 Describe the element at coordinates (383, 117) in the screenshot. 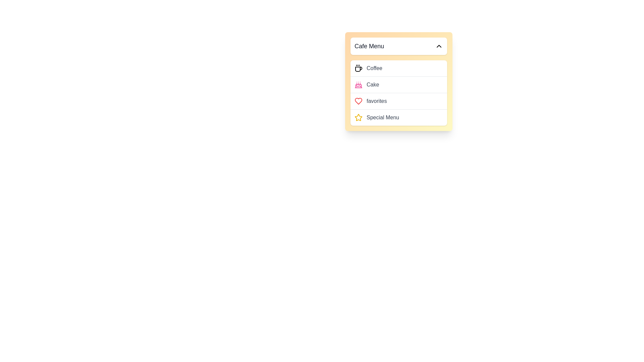

I see `the content of the 'Special Menu' label, which is styled in medium-weight gray font and is the last item in the dropdown menu titled 'Cafe Menu'` at that location.